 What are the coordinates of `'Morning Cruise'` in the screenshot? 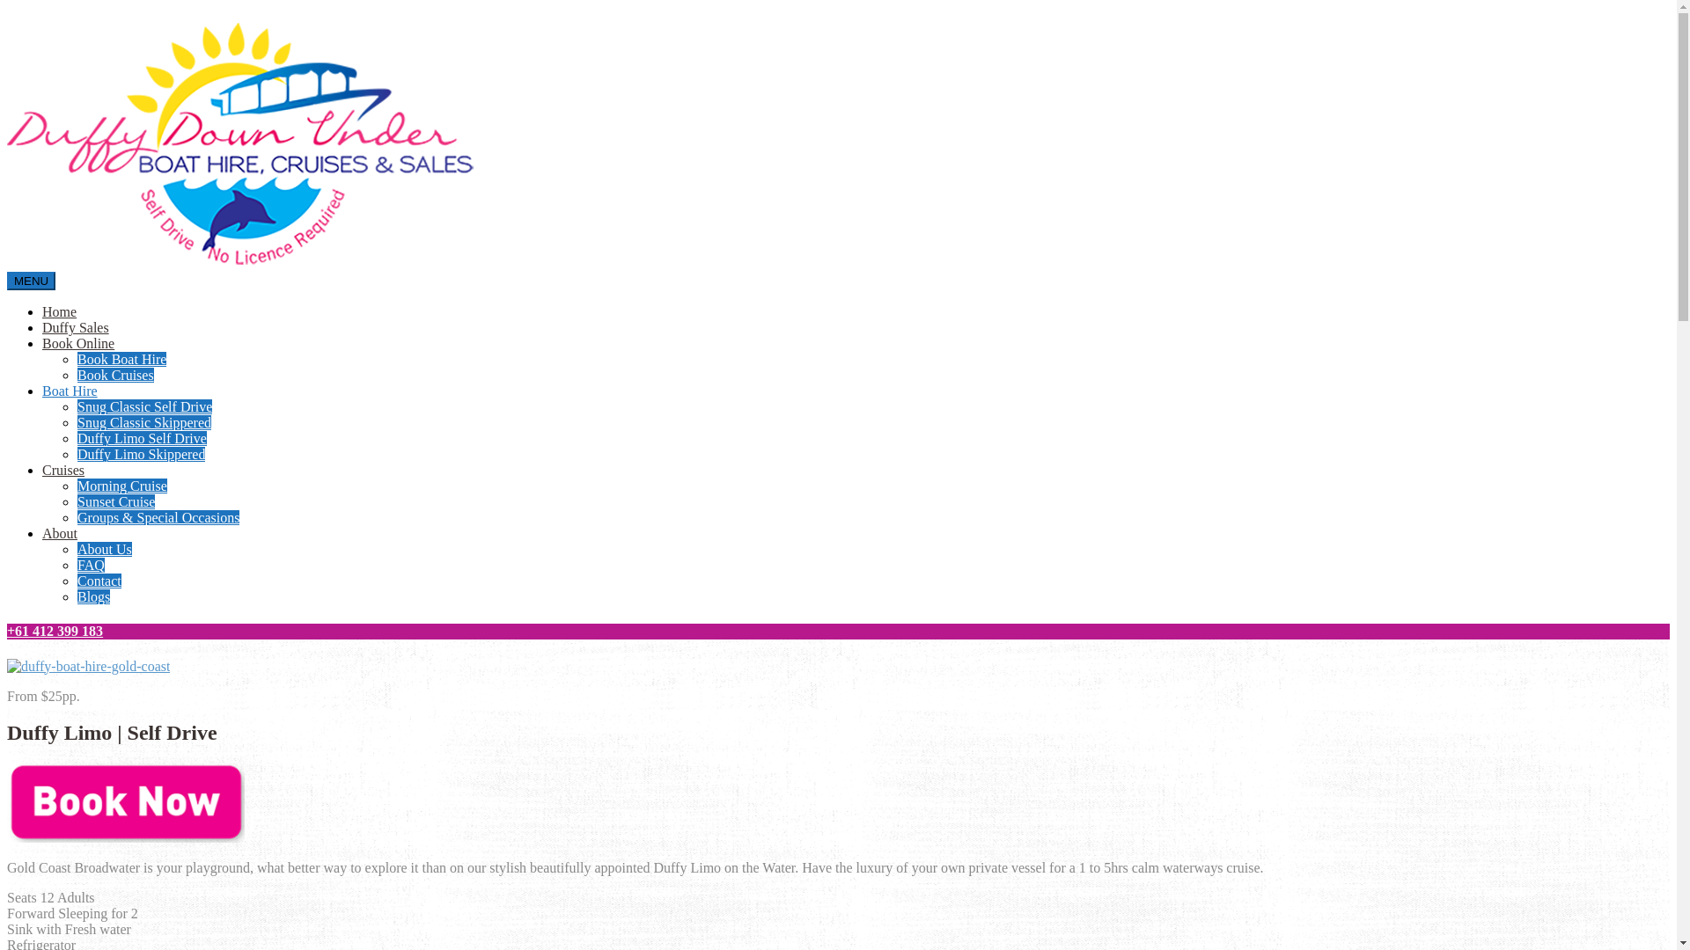 It's located at (121, 486).